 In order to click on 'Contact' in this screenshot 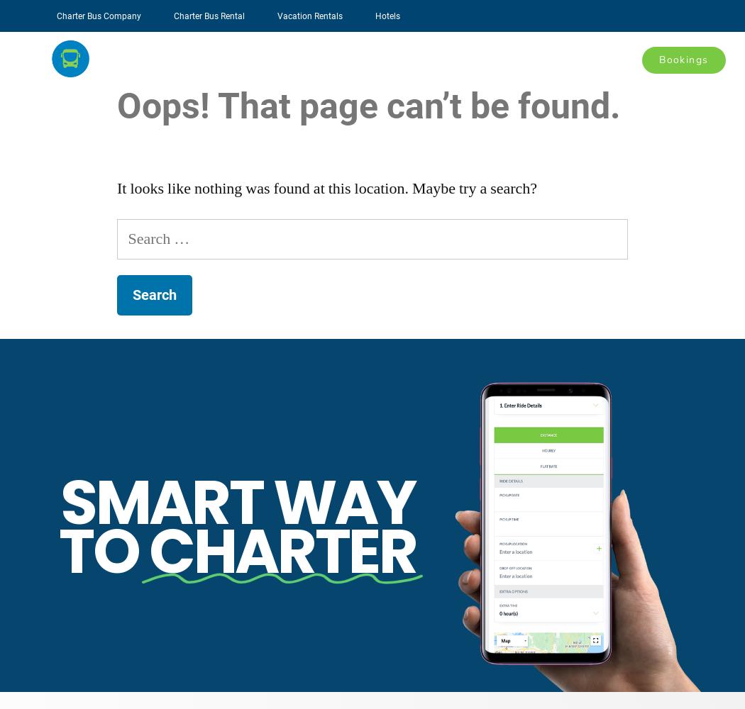, I will do `click(609, 58)`.